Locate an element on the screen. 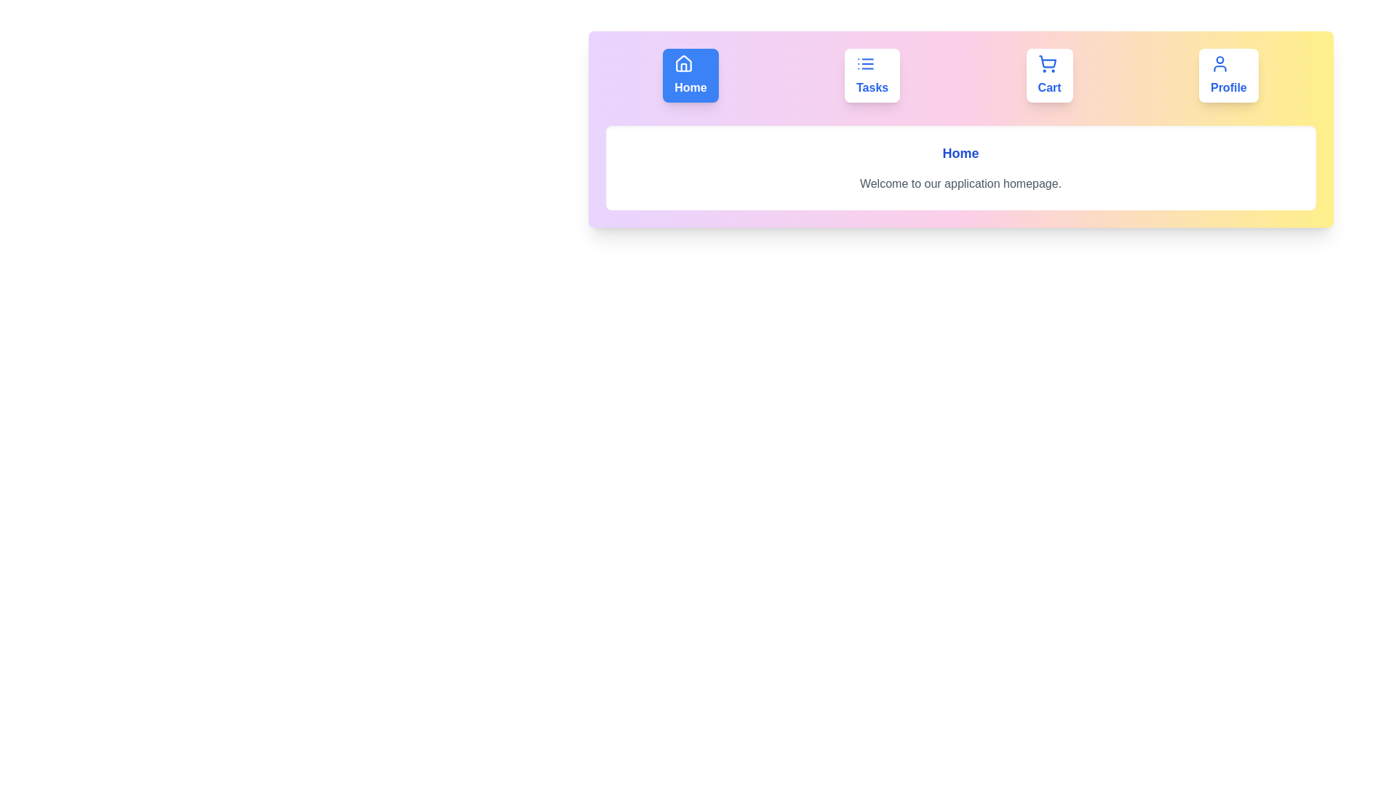  the tab labeled 'Home' is located at coordinates (690, 76).